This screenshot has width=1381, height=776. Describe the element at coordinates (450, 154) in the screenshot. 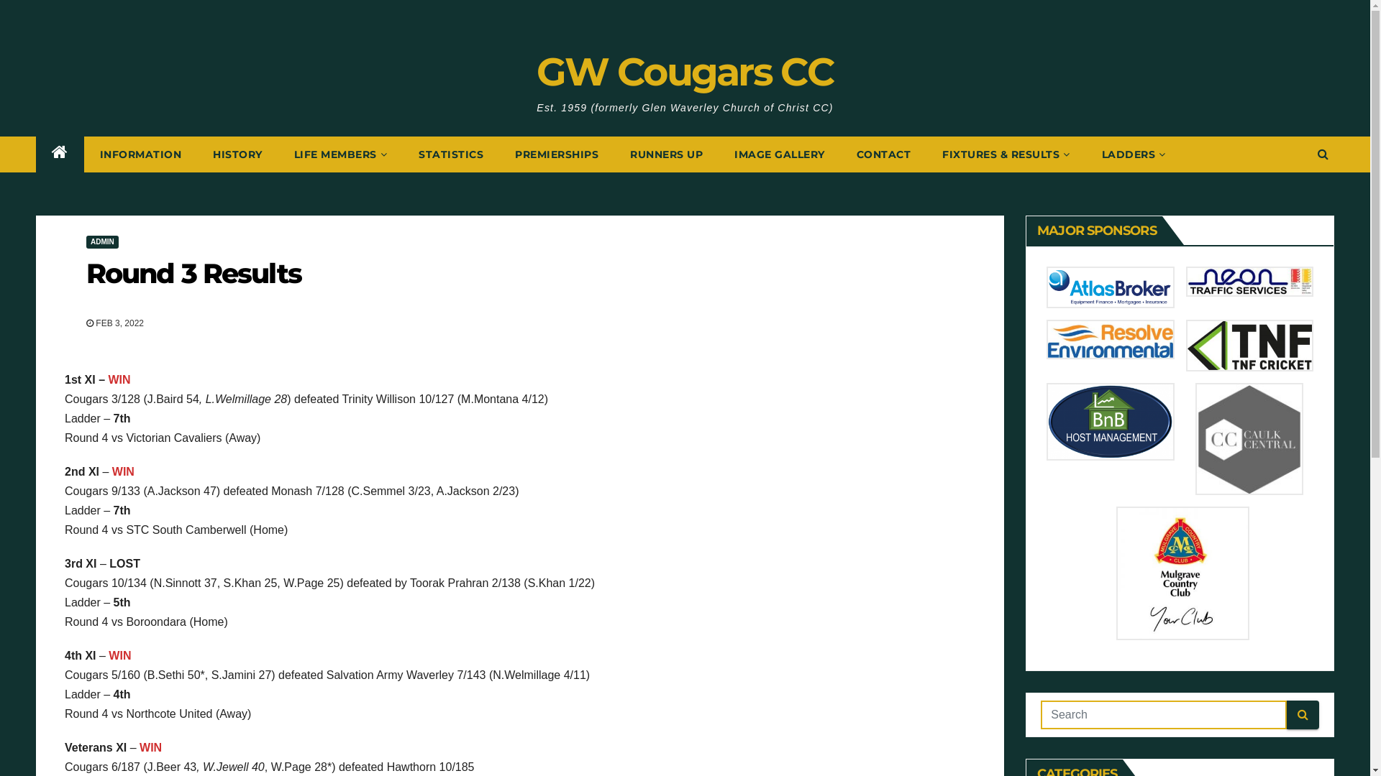

I see `'STATISTICS'` at that location.